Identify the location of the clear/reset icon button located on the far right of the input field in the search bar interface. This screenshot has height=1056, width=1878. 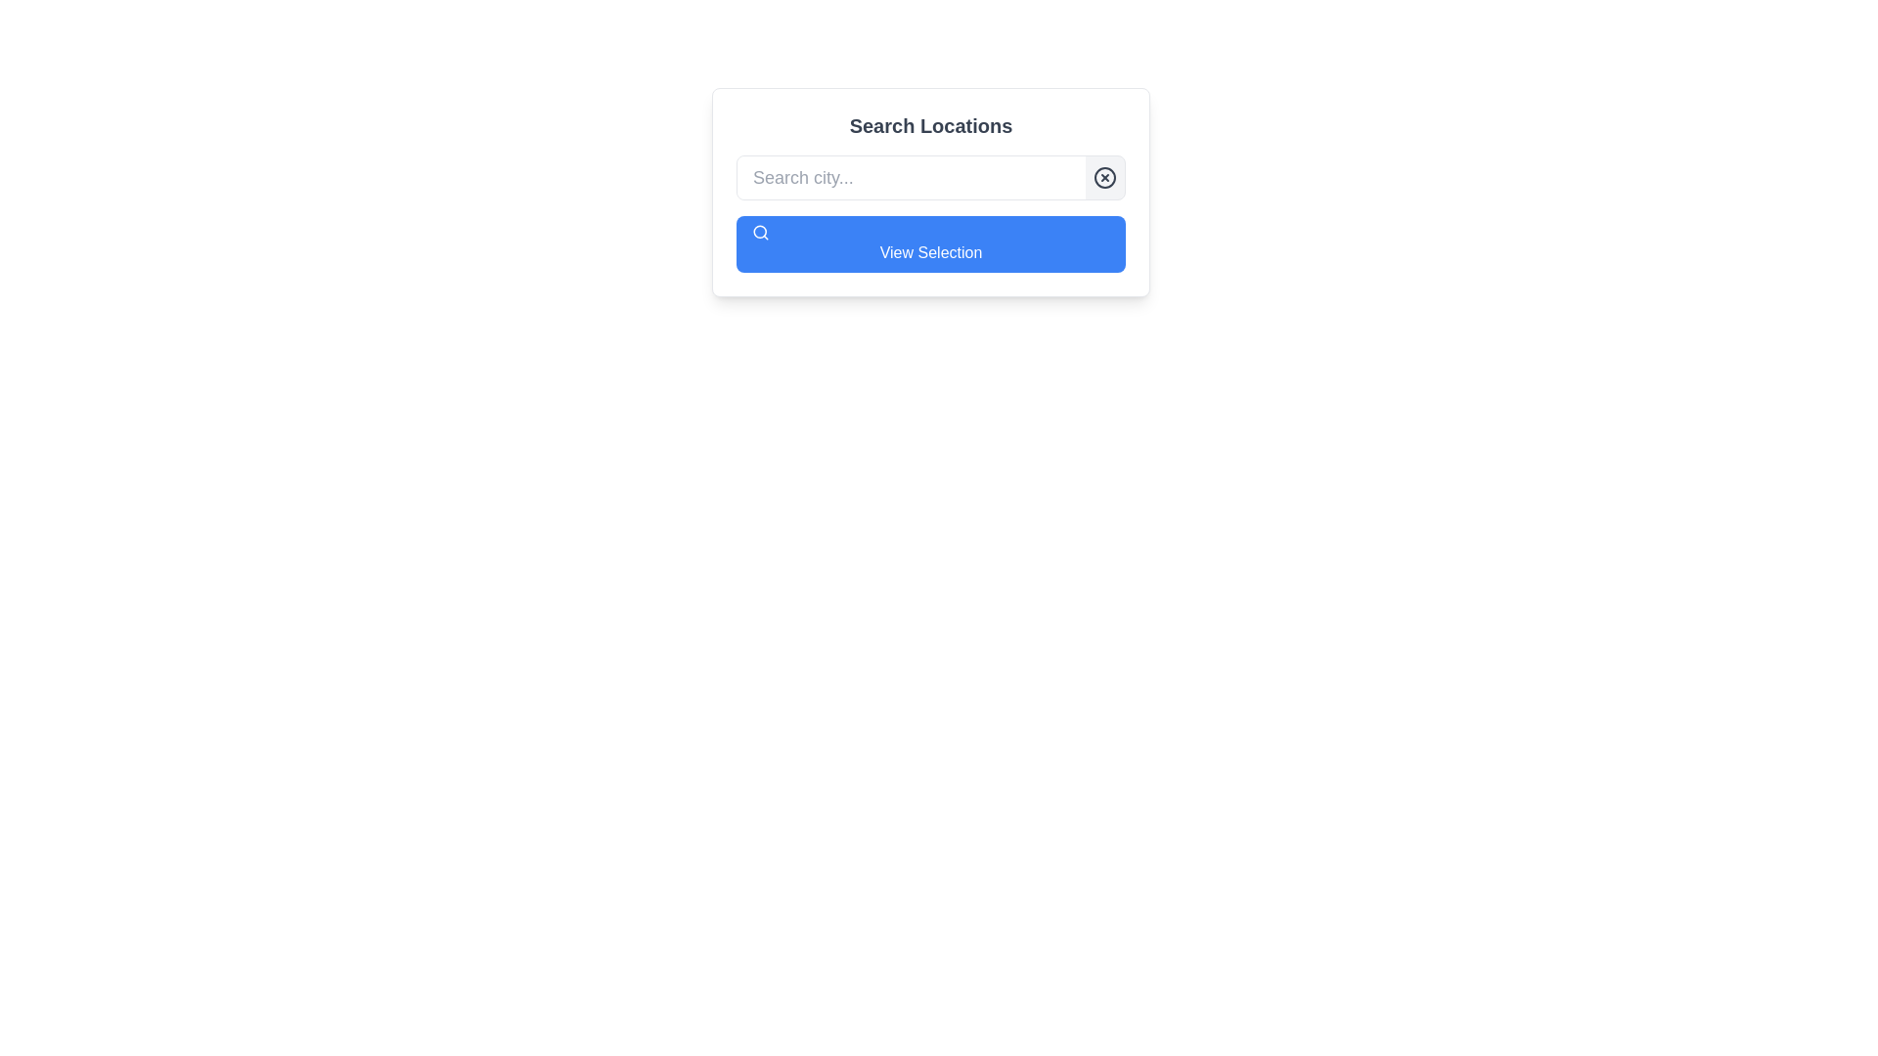
(1104, 177).